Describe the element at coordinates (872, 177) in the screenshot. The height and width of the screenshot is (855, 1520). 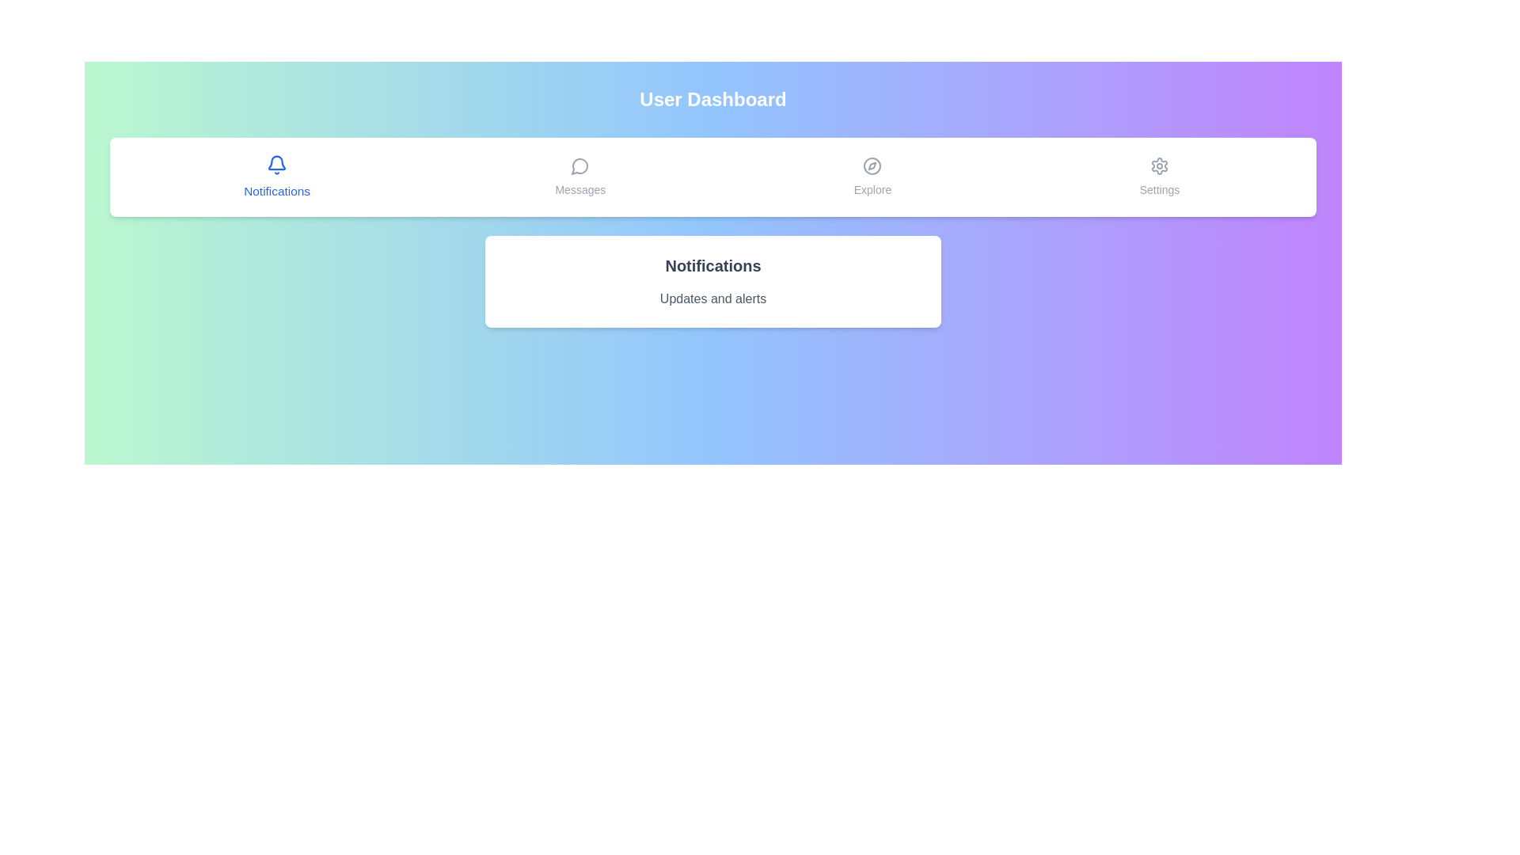
I see `the Explore tab to switch the content` at that location.